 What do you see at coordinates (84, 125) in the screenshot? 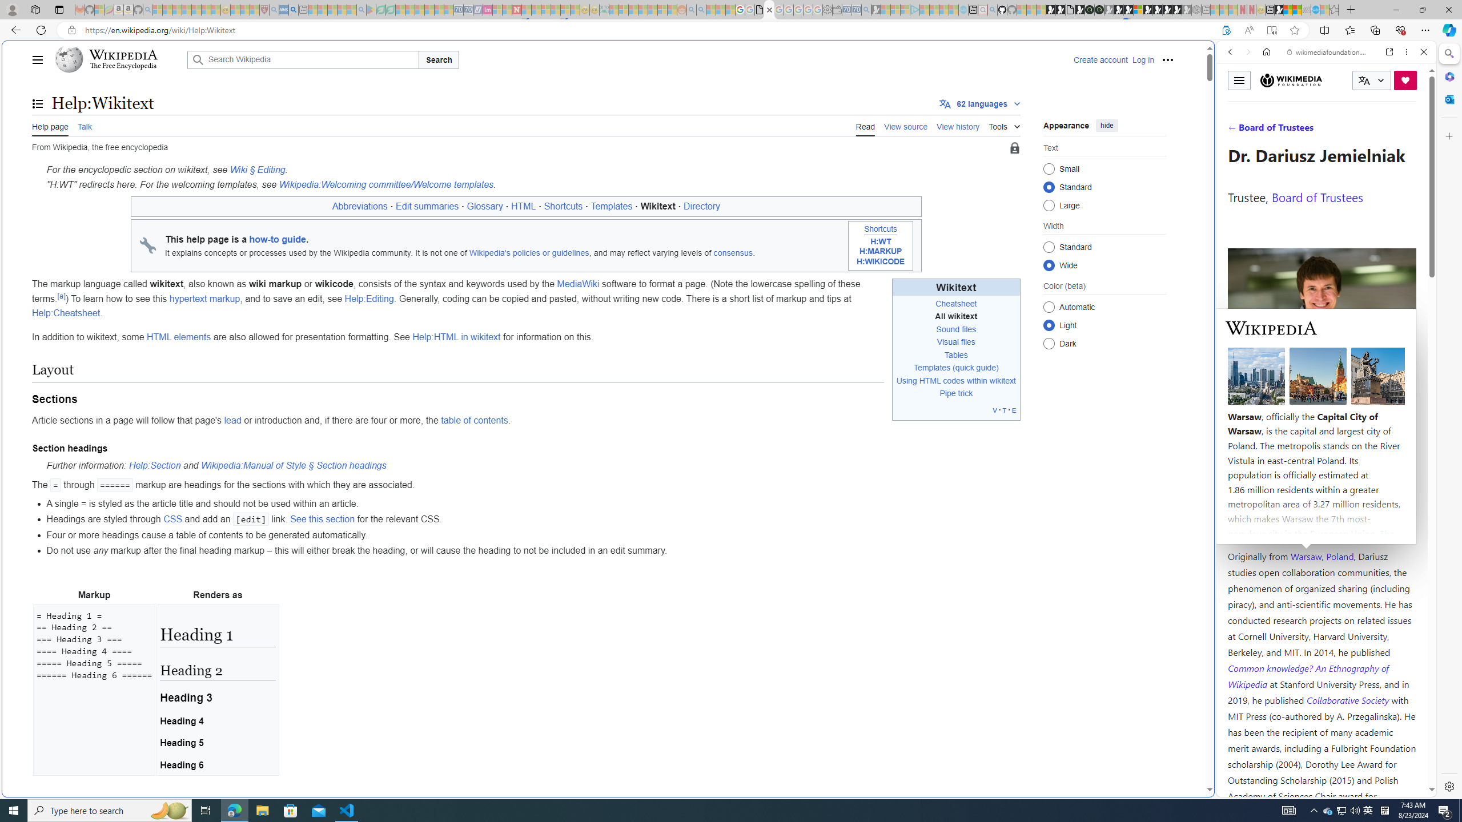
I see `'Talk'` at bounding box center [84, 125].